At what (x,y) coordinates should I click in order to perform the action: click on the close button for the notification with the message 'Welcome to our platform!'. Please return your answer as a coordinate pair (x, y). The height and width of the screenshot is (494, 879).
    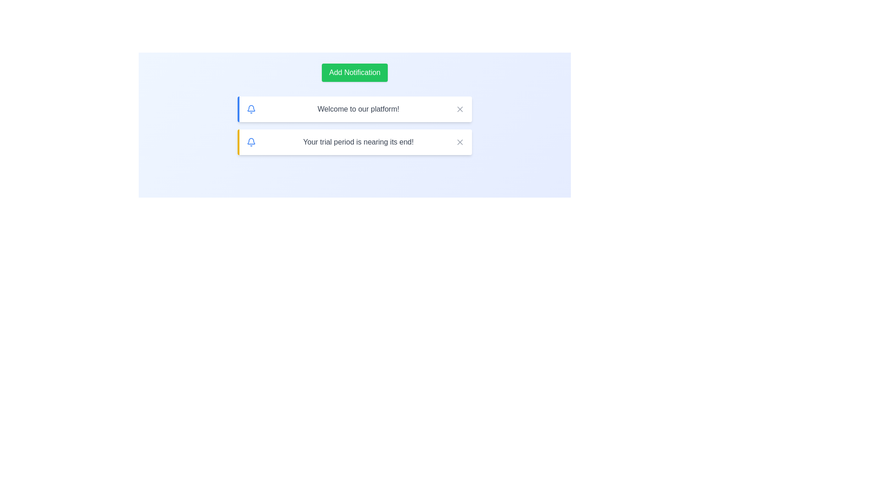
    Looking at the image, I should click on (460, 109).